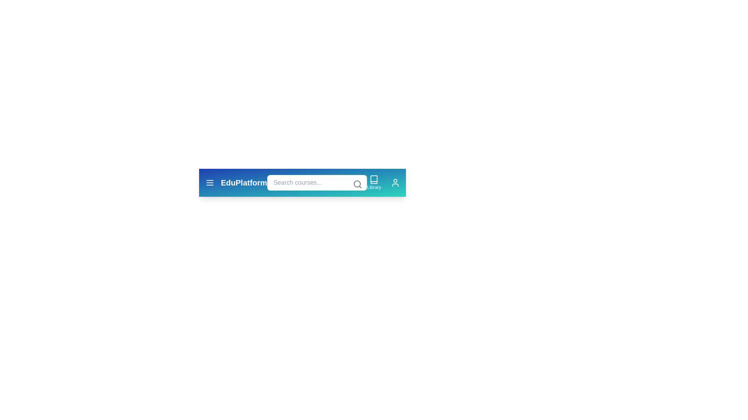 The image size is (748, 420). Describe the element at coordinates (395, 183) in the screenshot. I see `the user icon to open the user profile or account settings` at that location.